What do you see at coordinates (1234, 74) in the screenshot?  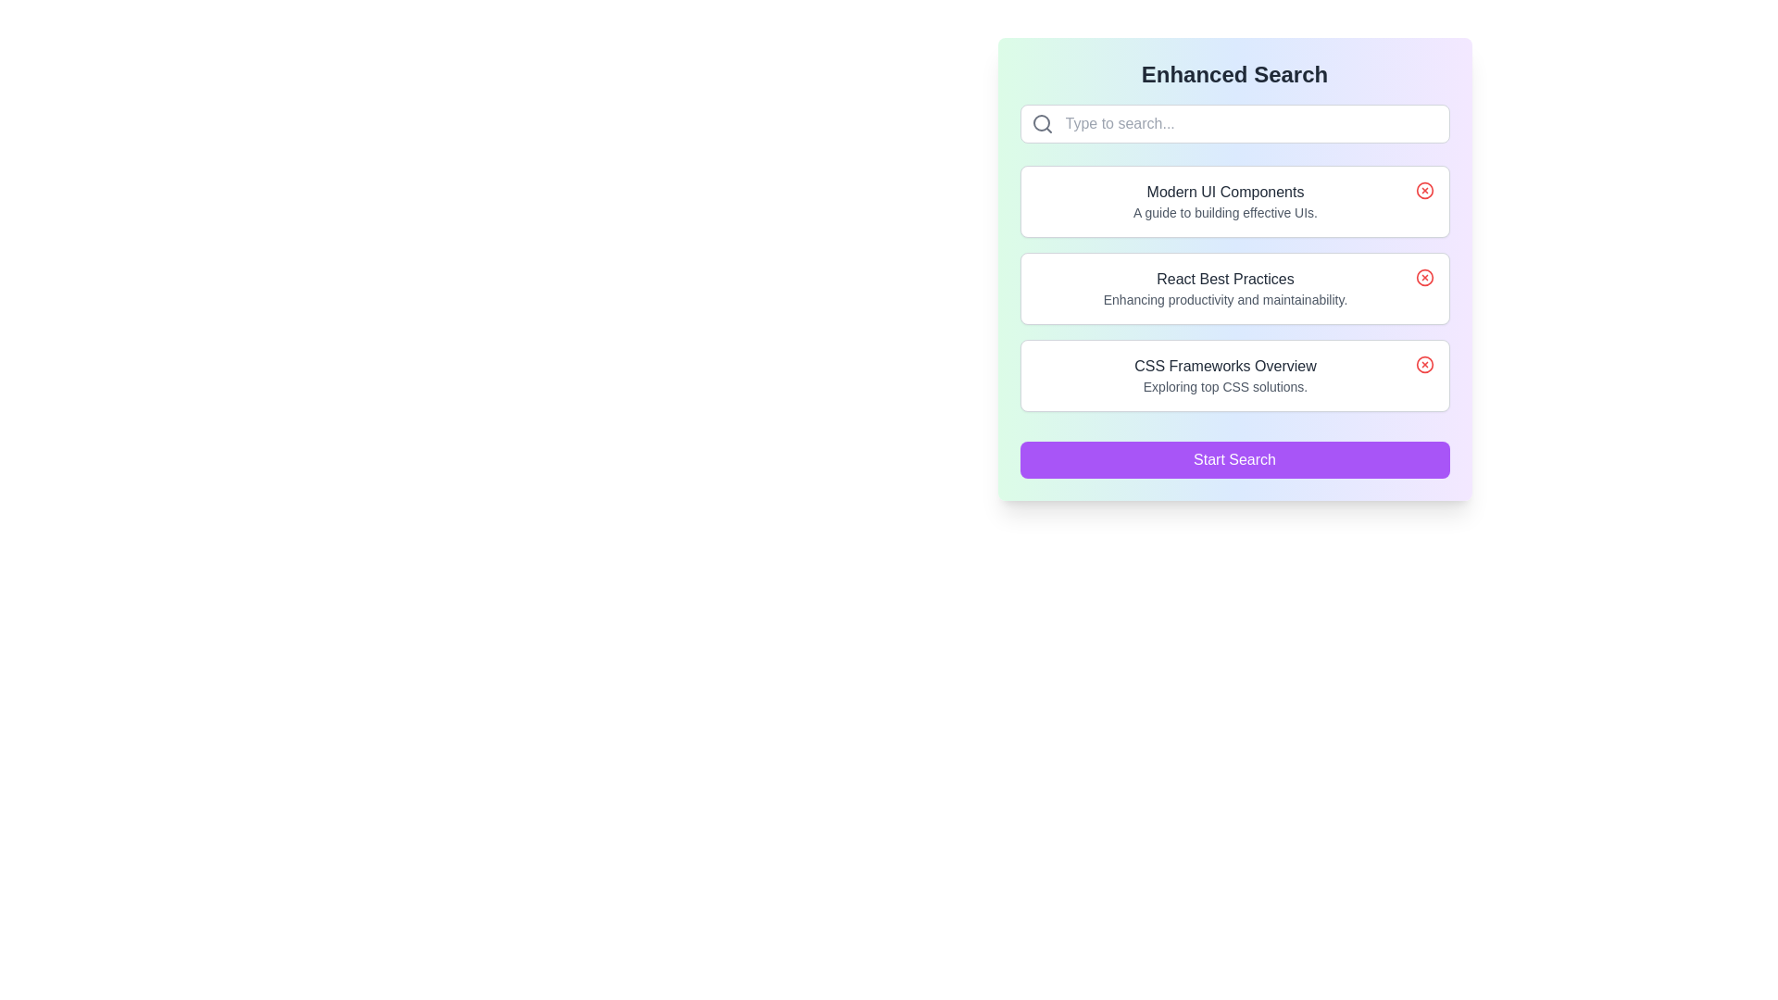 I see `text element that serves as the title or headline for the section, positioned at the top-center of the layout above the search input field` at bounding box center [1234, 74].